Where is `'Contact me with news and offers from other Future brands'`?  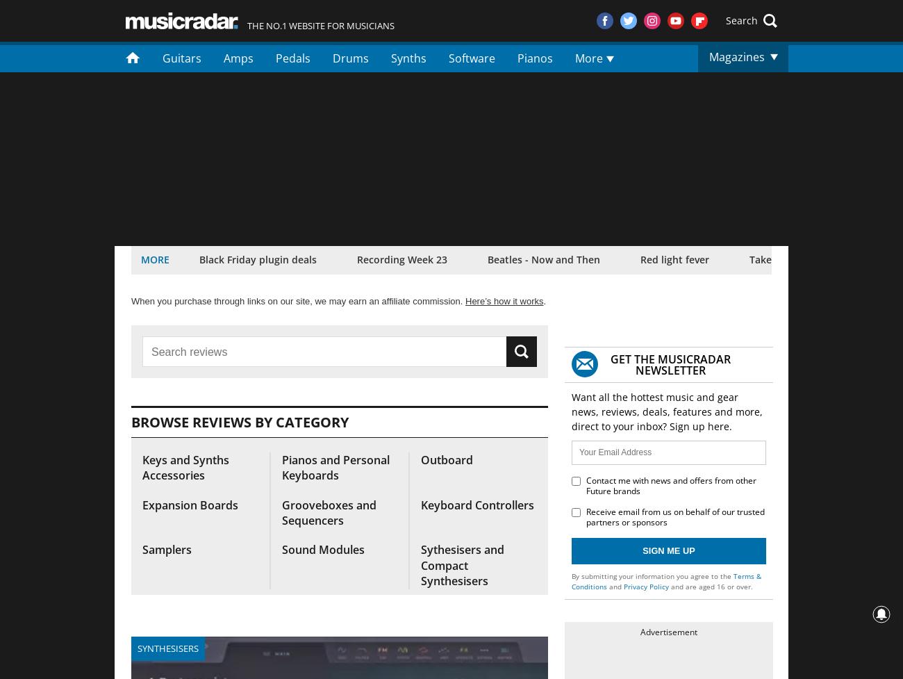
'Contact me with news and offers from other Future brands' is located at coordinates (671, 486).